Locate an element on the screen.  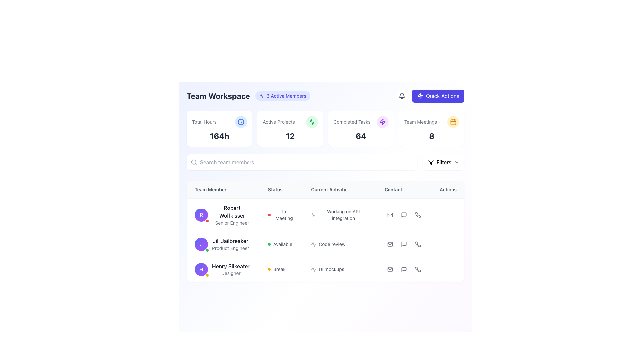
the small, circular green icon with a line chart inside, located to the right of the '12' number in the 'Active Projects' card of the 'Team Workspace' section is located at coordinates (311, 122).